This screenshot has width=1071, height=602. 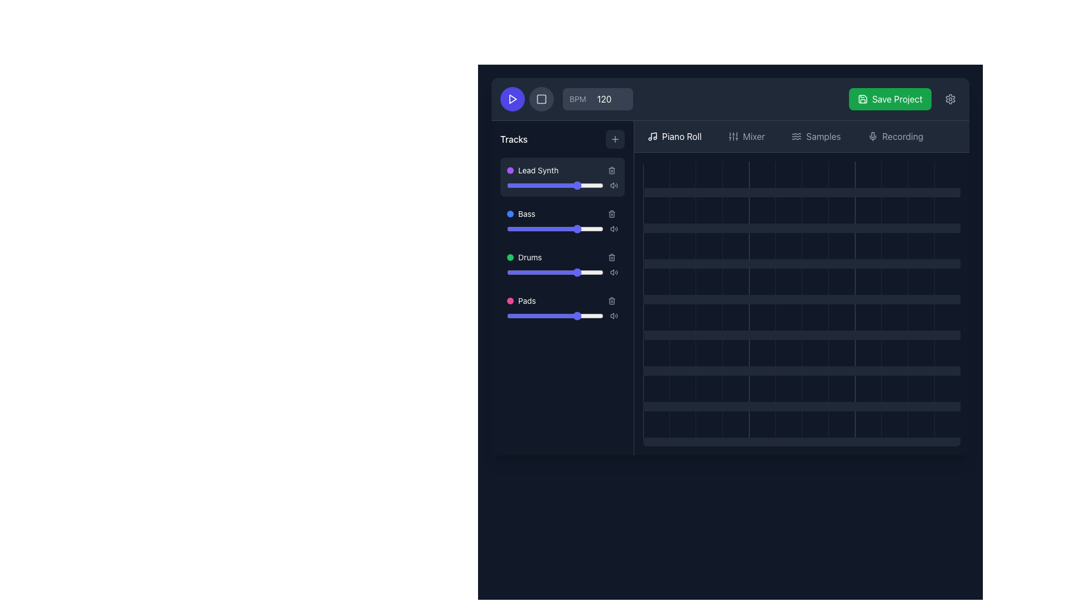 I want to click on the slider, so click(x=517, y=273).